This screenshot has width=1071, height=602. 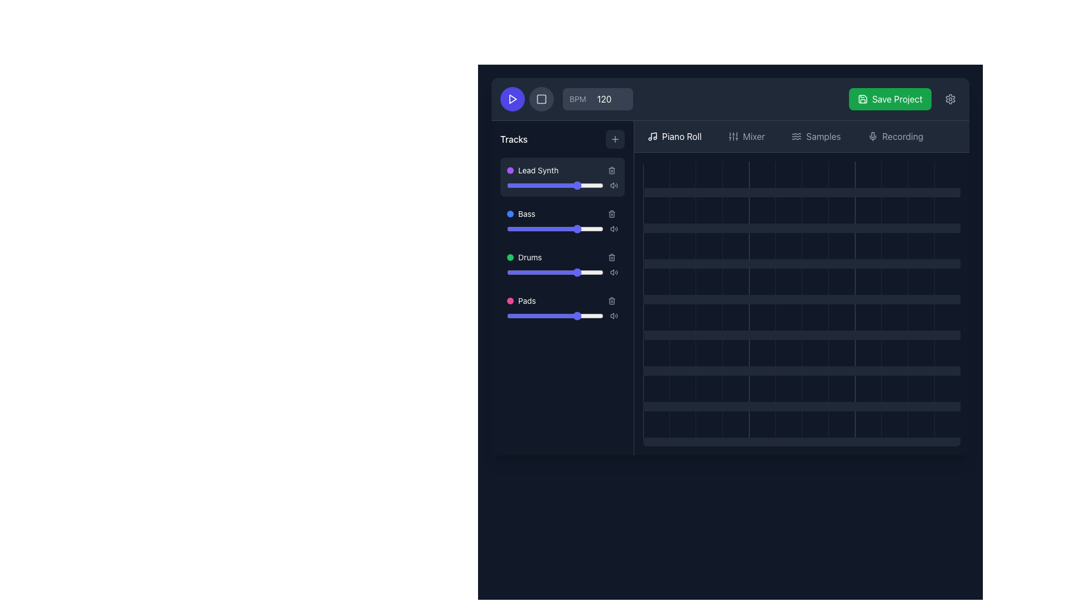 I want to click on the slider, so click(x=517, y=273).